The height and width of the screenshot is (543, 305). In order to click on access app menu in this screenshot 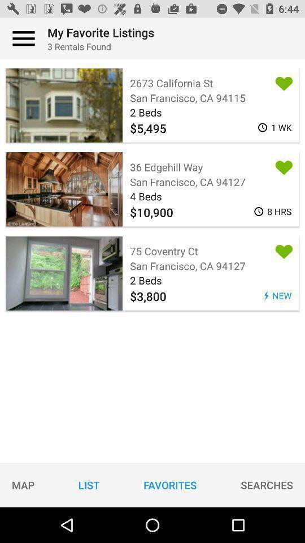, I will do `click(24, 38)`.